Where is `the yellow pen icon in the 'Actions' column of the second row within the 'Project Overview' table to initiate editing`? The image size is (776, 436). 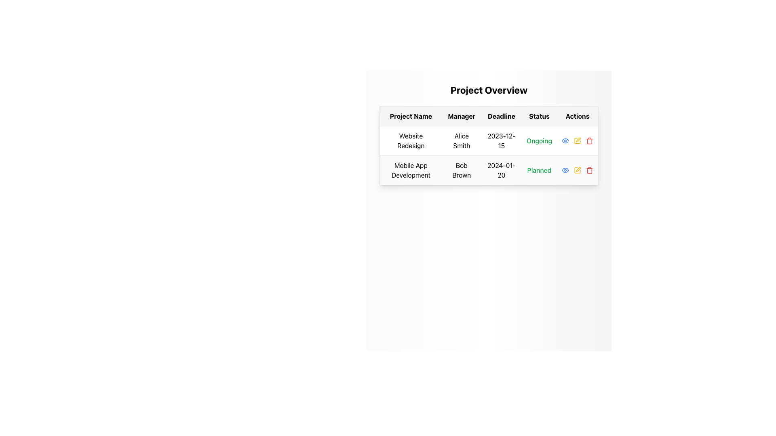
the yellow pen icon in the 'Actions' column of the second row within the 'Project Overview' table to initiate editing is located at coordinates (578, 139).